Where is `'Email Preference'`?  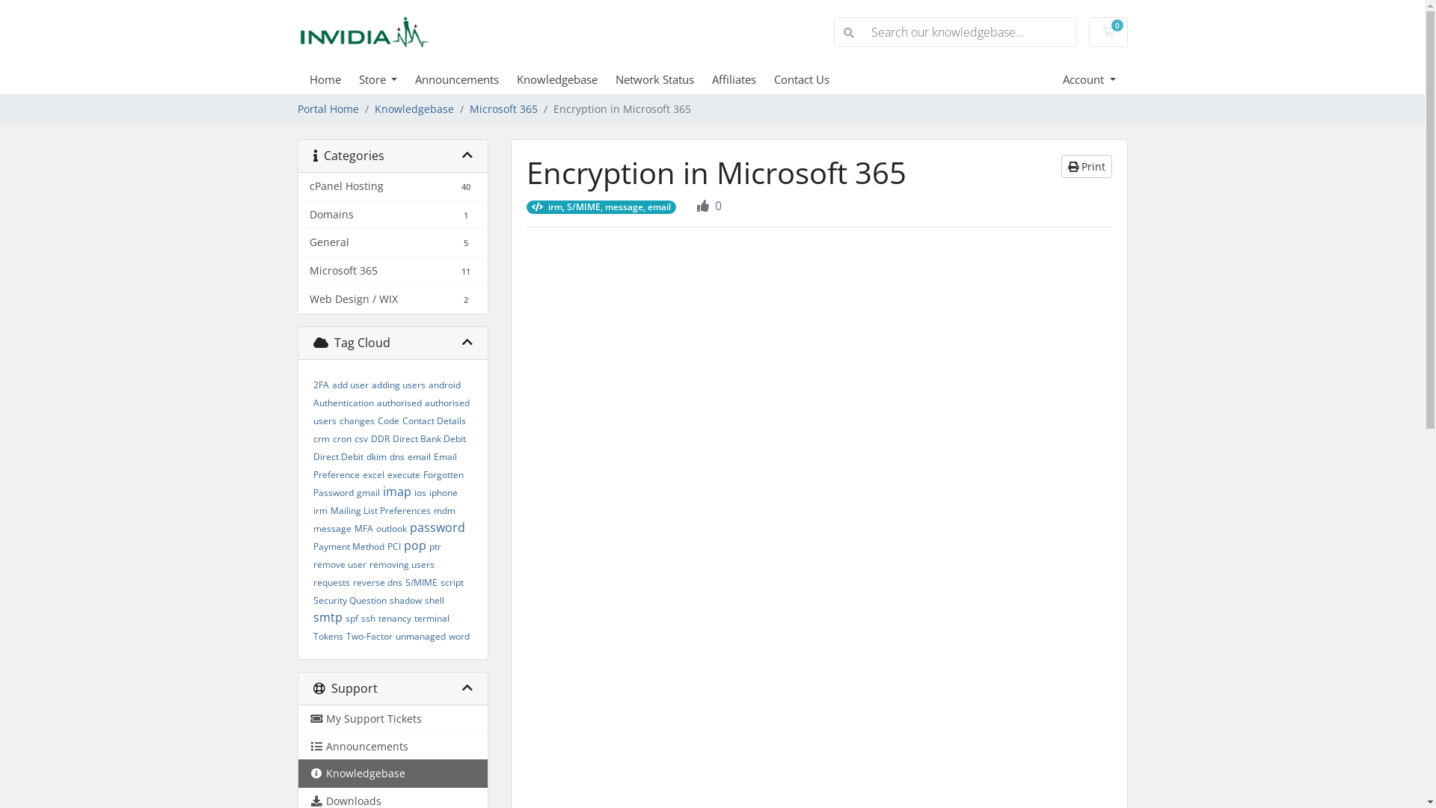 'Email Preference' is located at coordinates (384, 465).